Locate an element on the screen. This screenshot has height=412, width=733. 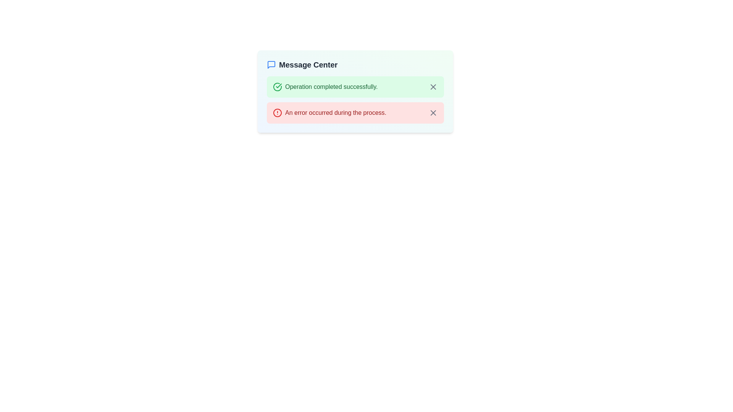
the small dark red 'X' icon of the Close button located on the right side of the error notification is located at coordinates (433, 113).